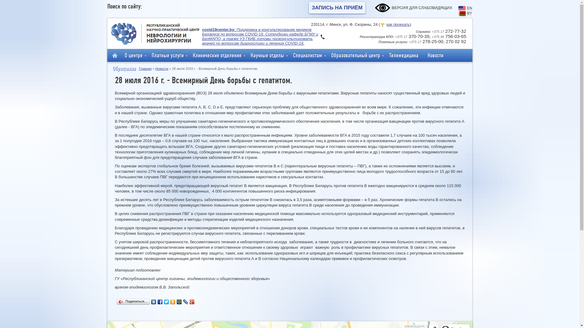  I want to click on 'Google Plus', so click(192, 302).